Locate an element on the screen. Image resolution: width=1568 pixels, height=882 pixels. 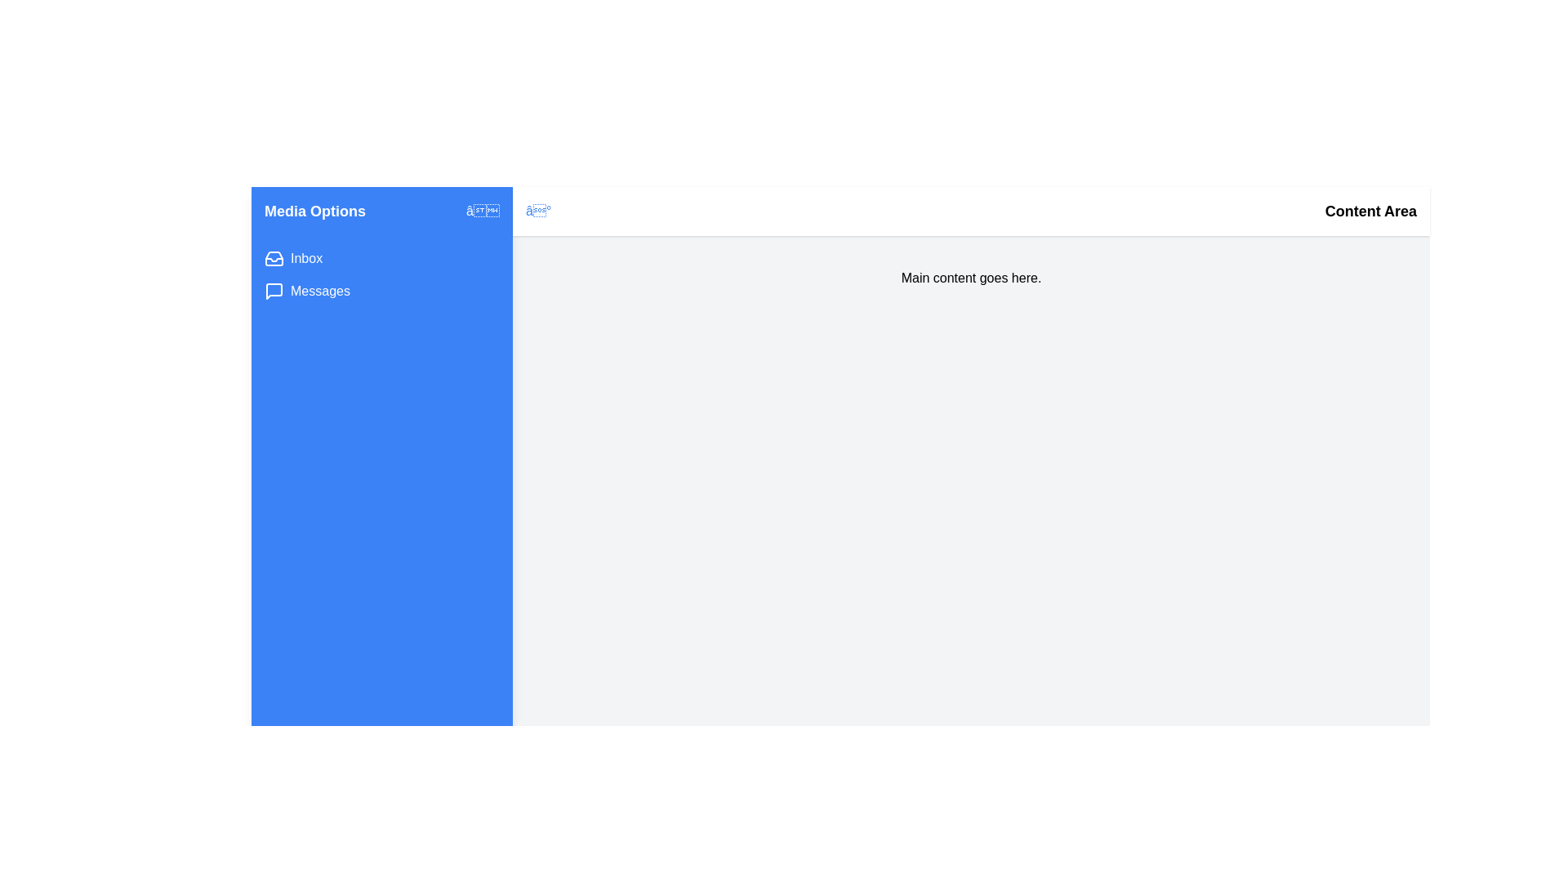
the 'Messages' option in the MultimediaDrawer is located at coordinates (320, 291).